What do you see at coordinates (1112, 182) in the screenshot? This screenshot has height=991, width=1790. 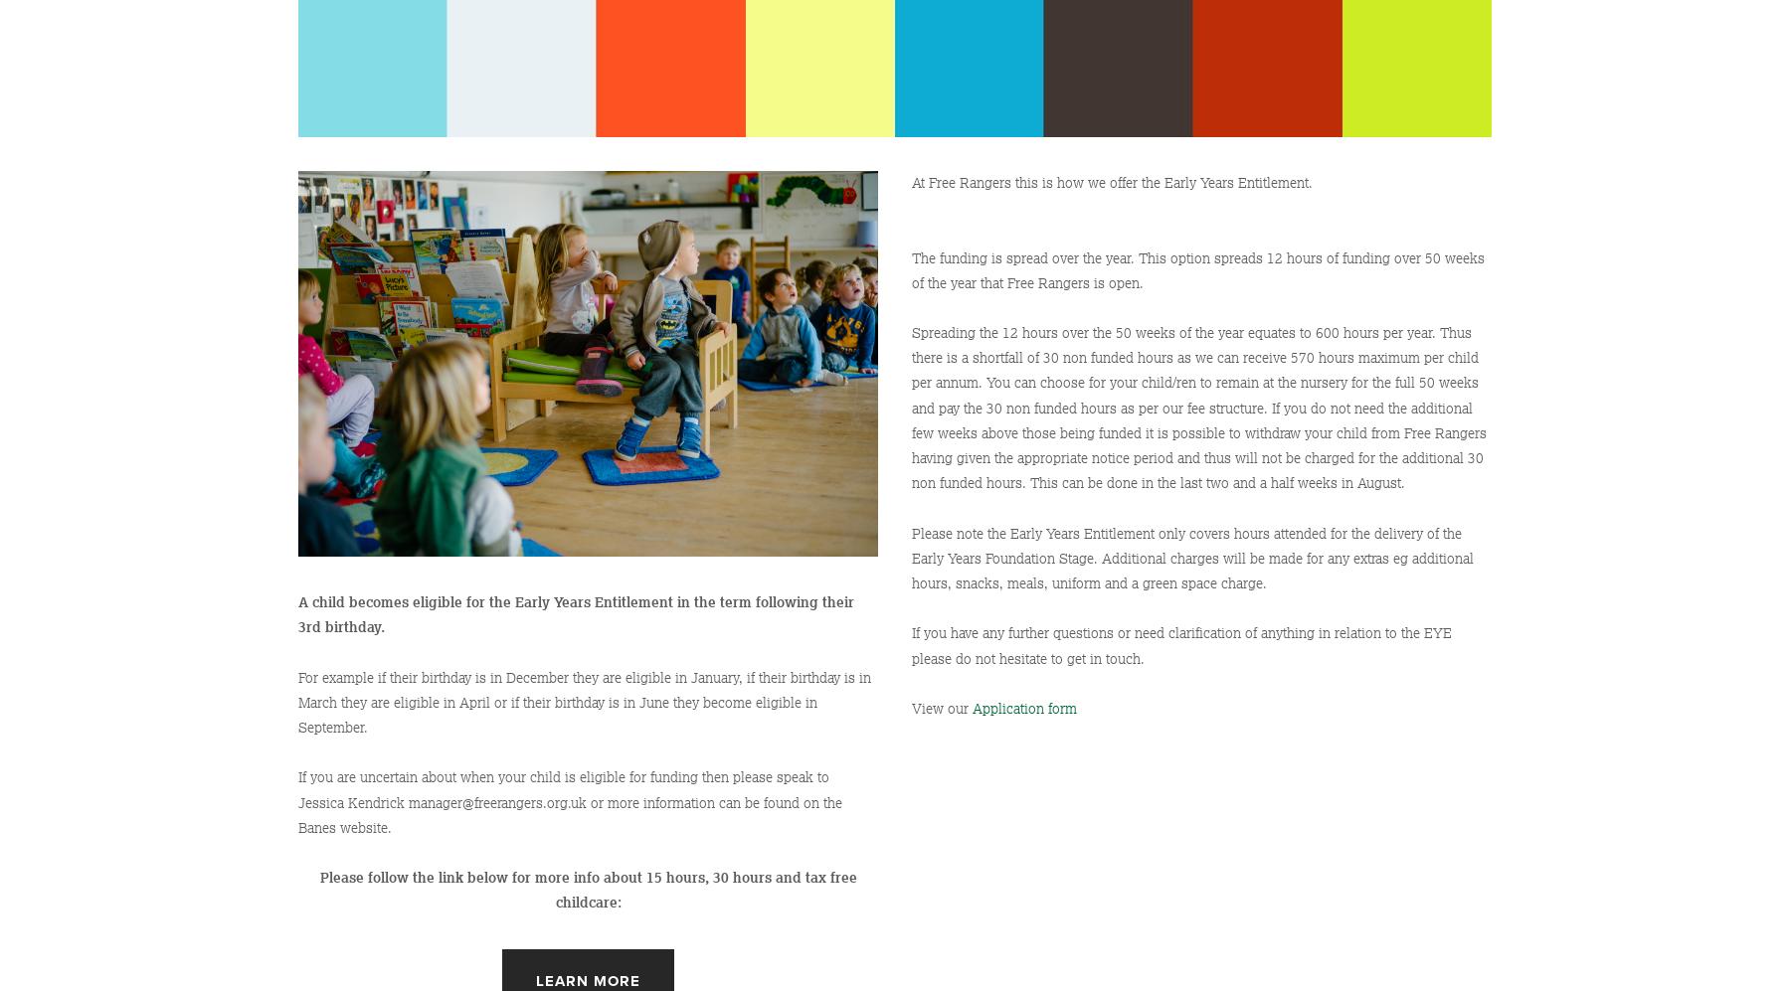 I see `'At Free Rangers this is how we offer the Early Years Entitlement.'` at bounding box center [1112, 182].